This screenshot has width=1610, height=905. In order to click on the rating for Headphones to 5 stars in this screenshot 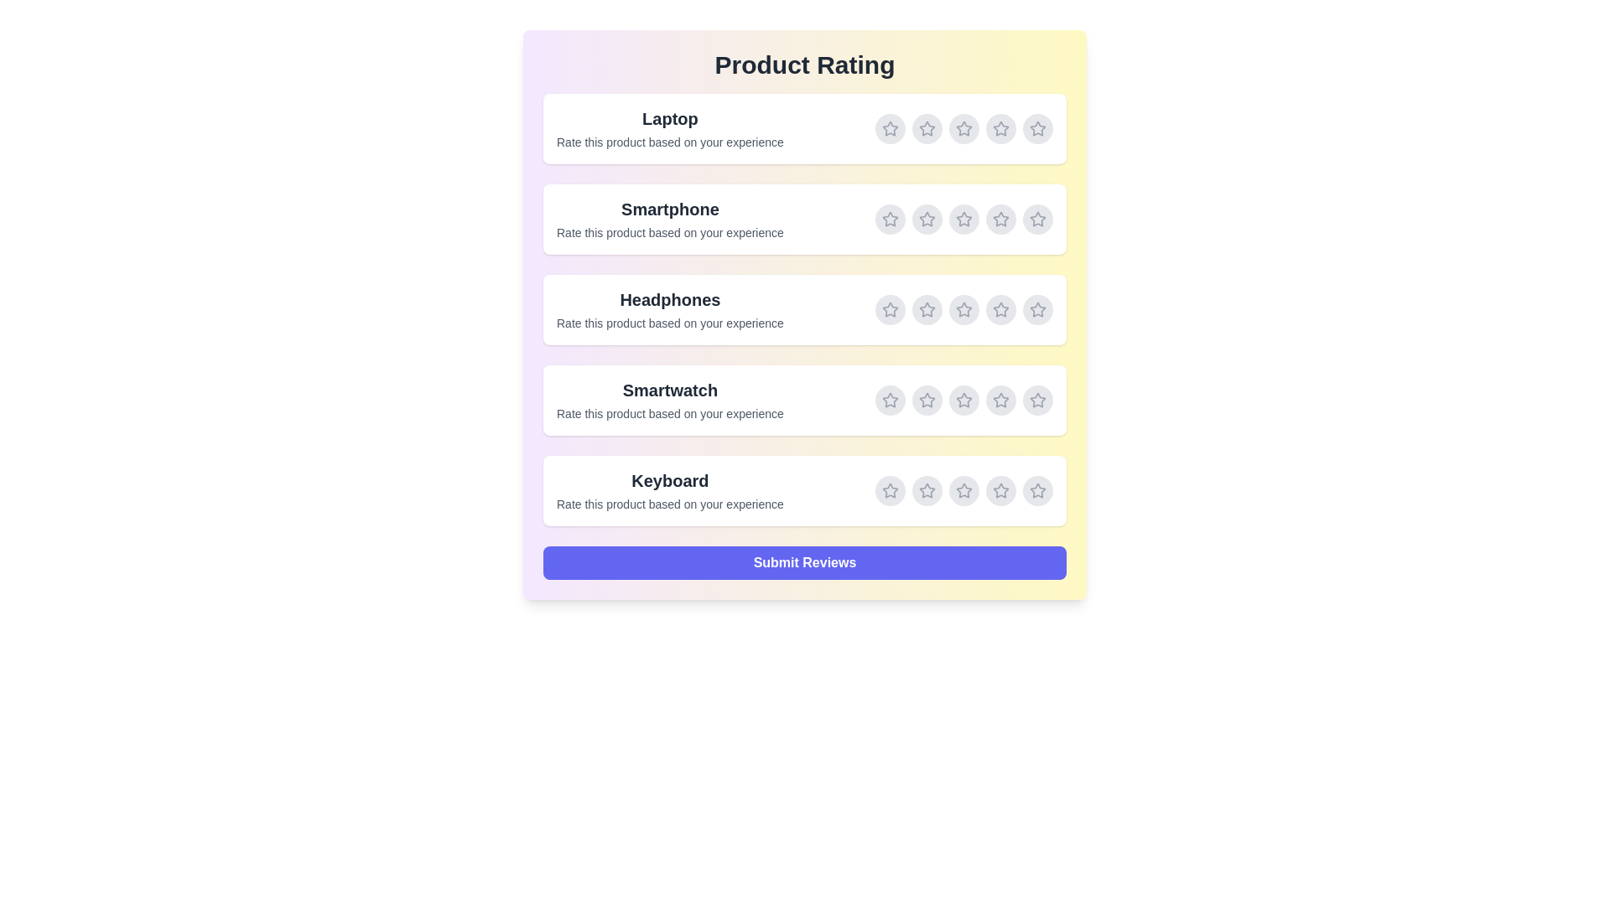, I will do `click(1037, 310)`.